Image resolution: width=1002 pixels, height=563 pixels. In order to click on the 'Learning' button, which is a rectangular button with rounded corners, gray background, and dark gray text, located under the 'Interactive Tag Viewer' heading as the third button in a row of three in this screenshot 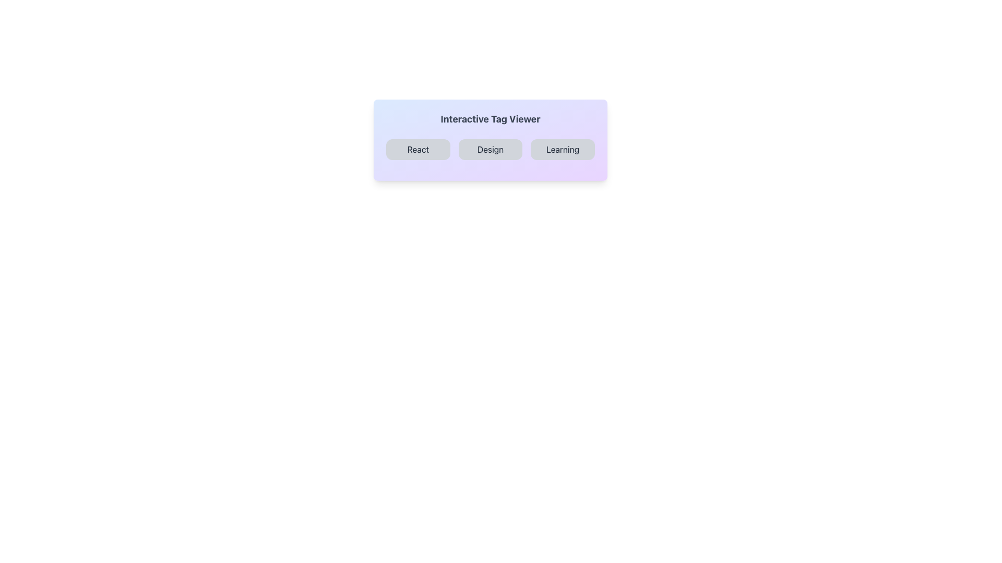, I will do `click(562, 149)`.